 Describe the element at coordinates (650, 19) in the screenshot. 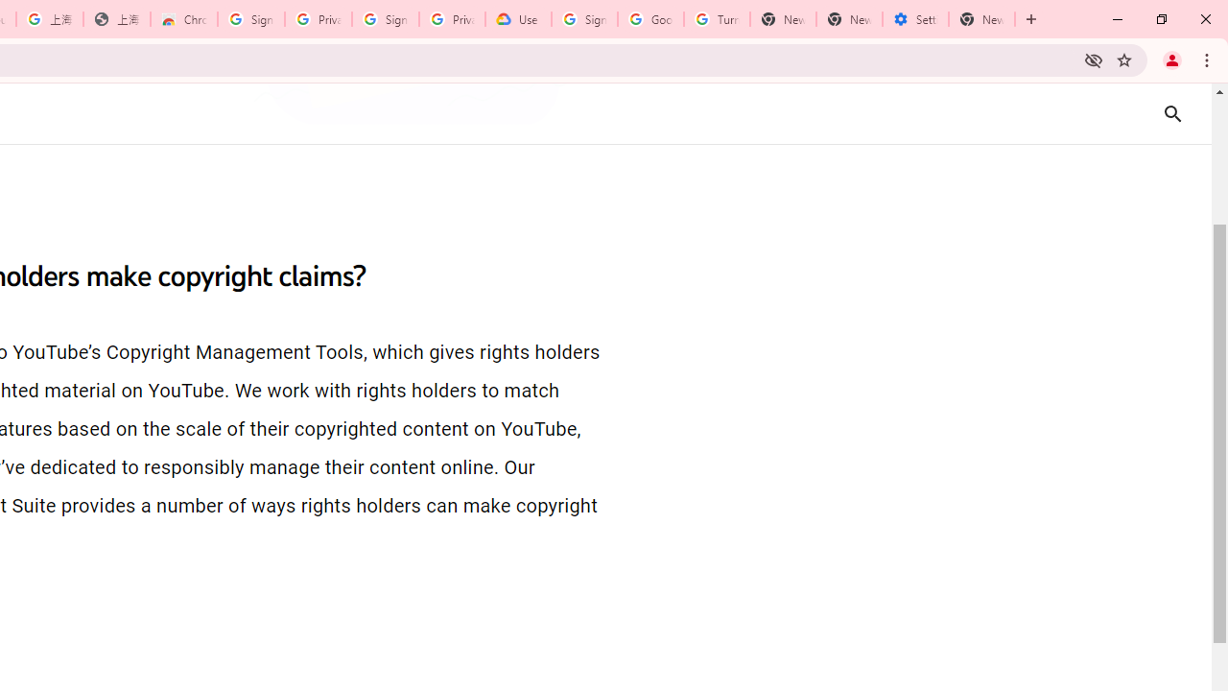

I see `'Google Account Help'` at that location.